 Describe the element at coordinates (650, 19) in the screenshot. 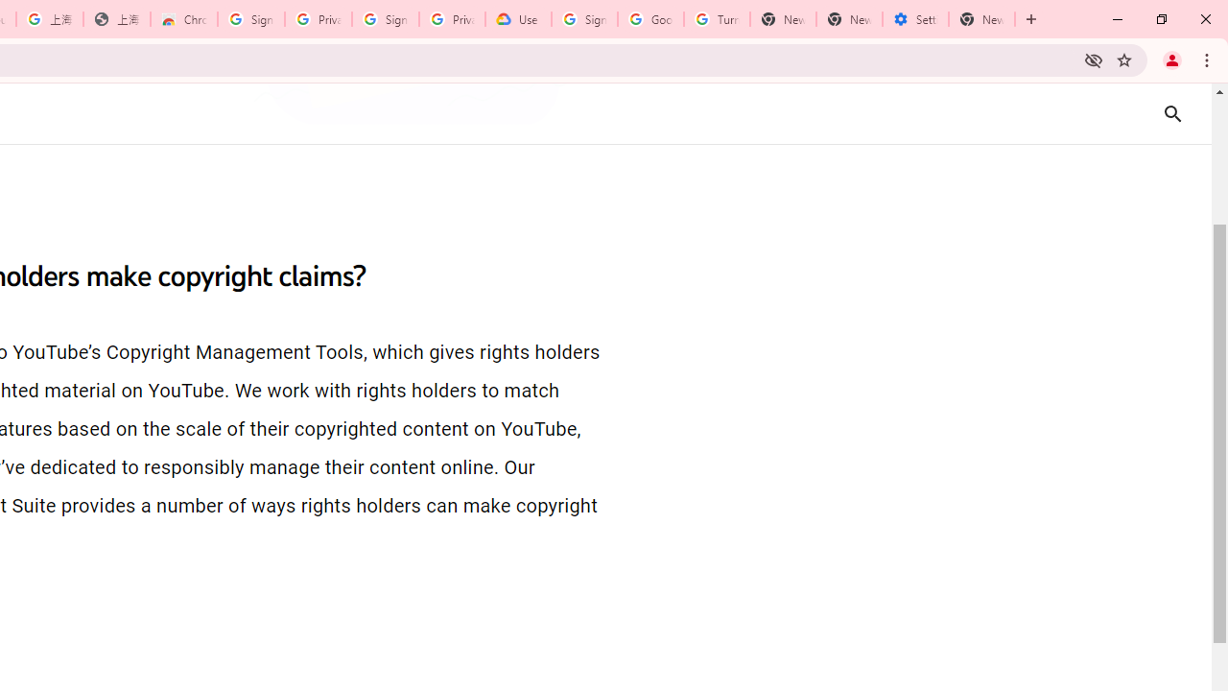

I see `'Google Account Help'` at that location.